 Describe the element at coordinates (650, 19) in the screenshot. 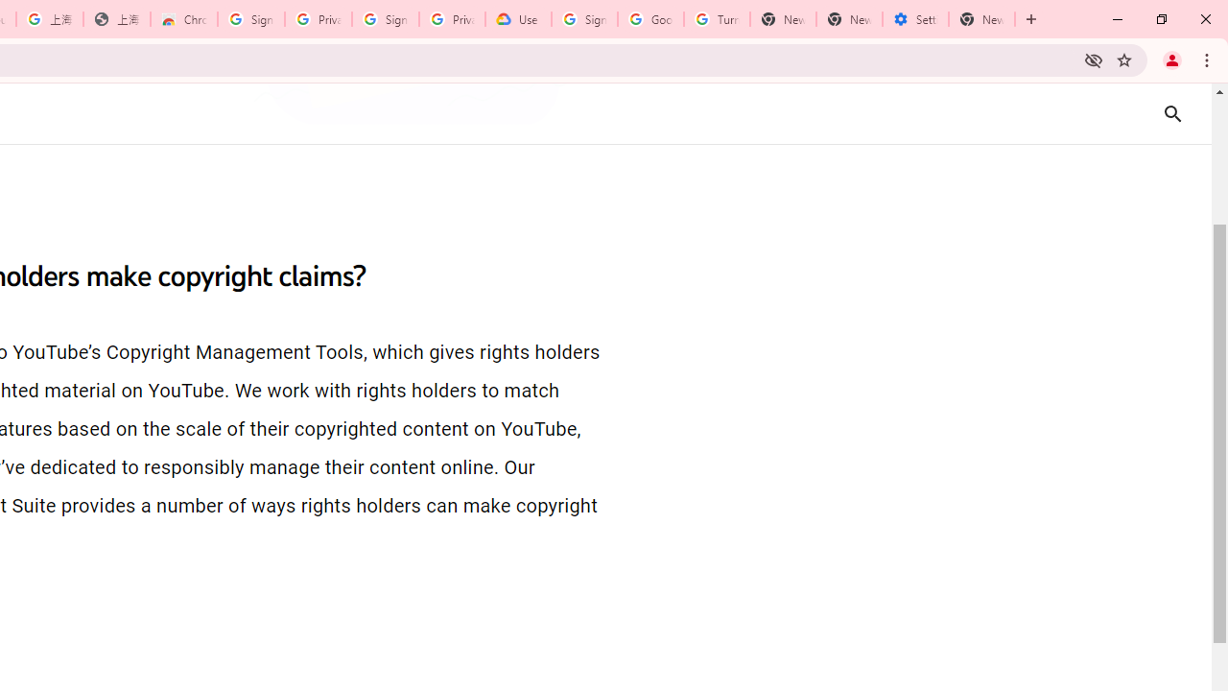

I see `'Google Account Help'` at that location.